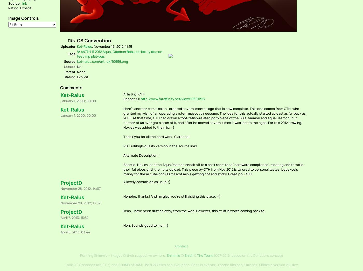 The width and height of the screenshot is (363, 271). Describe the element at coordinates (134, 94) in the screenshot. I see `'Artist(s): CTH'` at that location.